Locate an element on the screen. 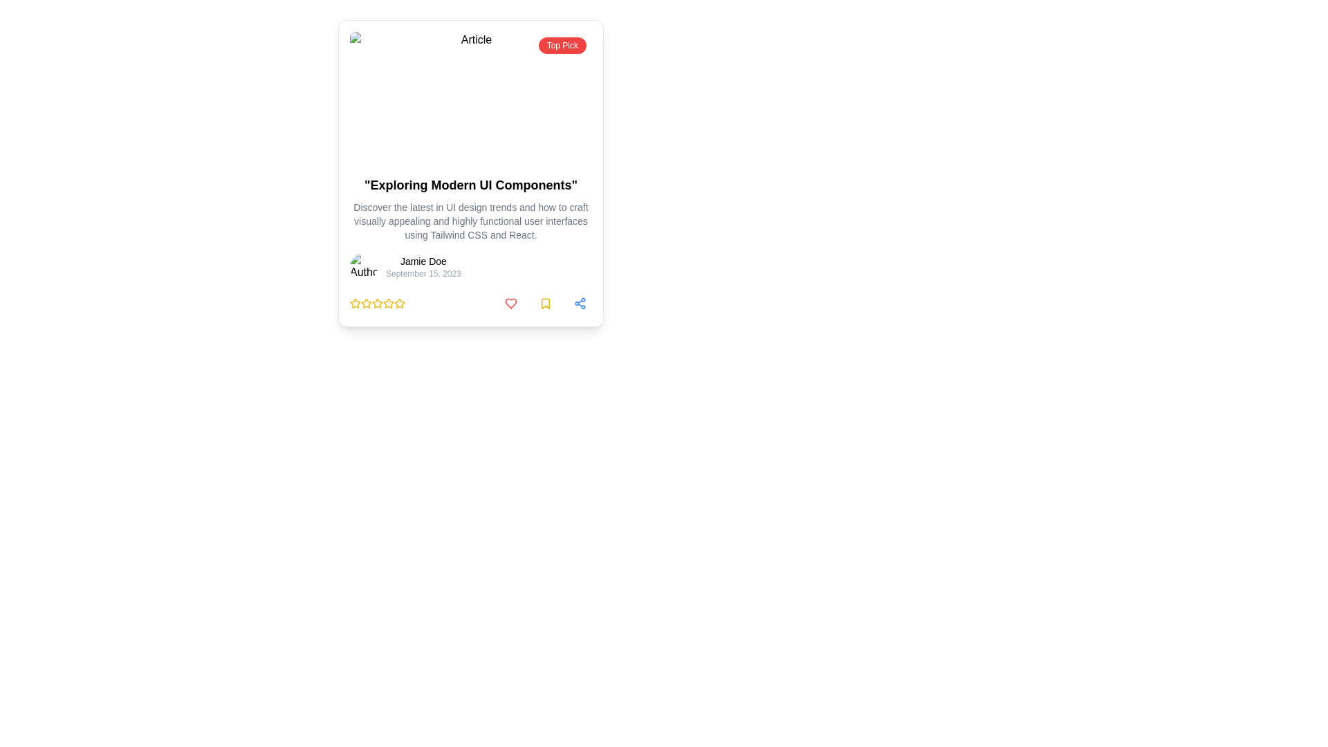  small, gray text block that provides a concise description about UI design trends and tools, located centrally below the bold heading and above the author's information is located at coordinates (471, 221).